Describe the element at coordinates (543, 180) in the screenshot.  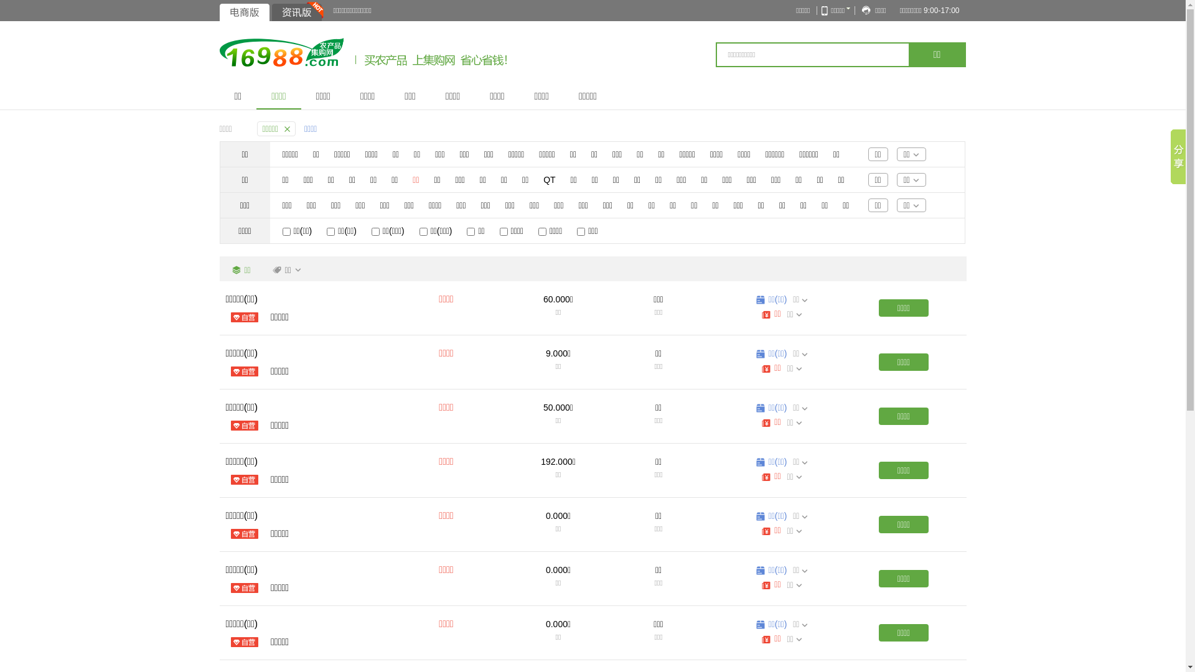
I see `'QT'` at that location.